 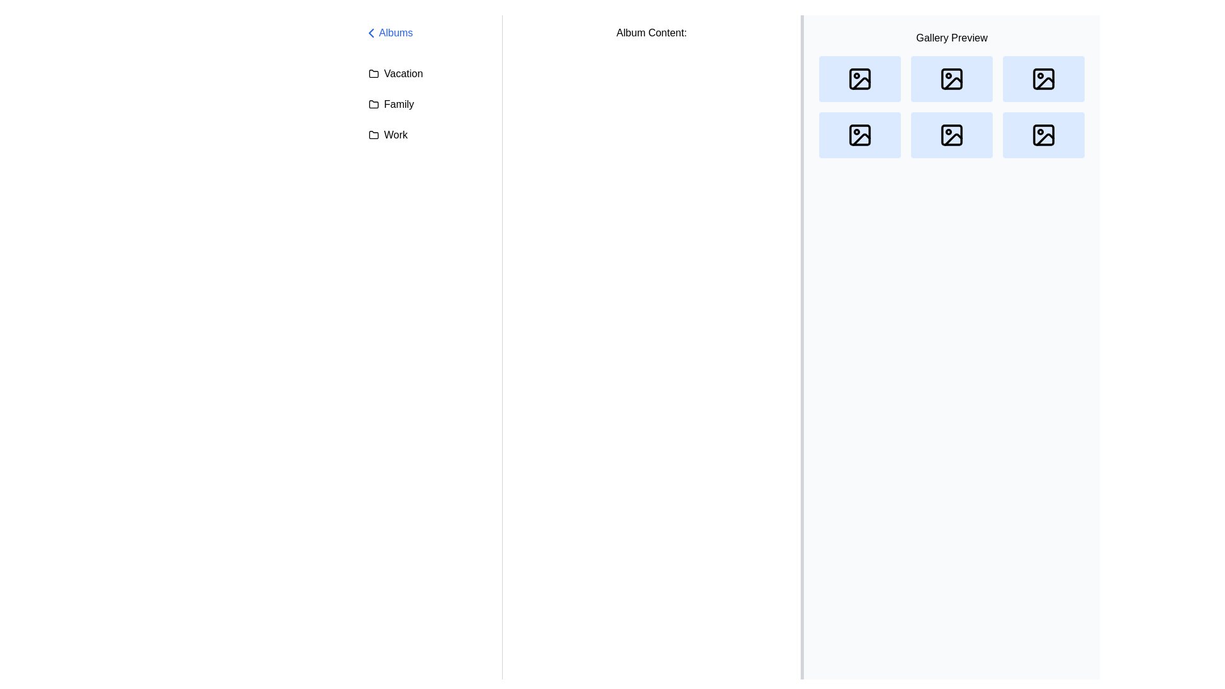 I want to click on the SVG-based icon featuring a rectangular outline with rounded corners, a sun-like circle, and a mountain shape to trigger a tooltip or effect, so click(x=1044, y=135).